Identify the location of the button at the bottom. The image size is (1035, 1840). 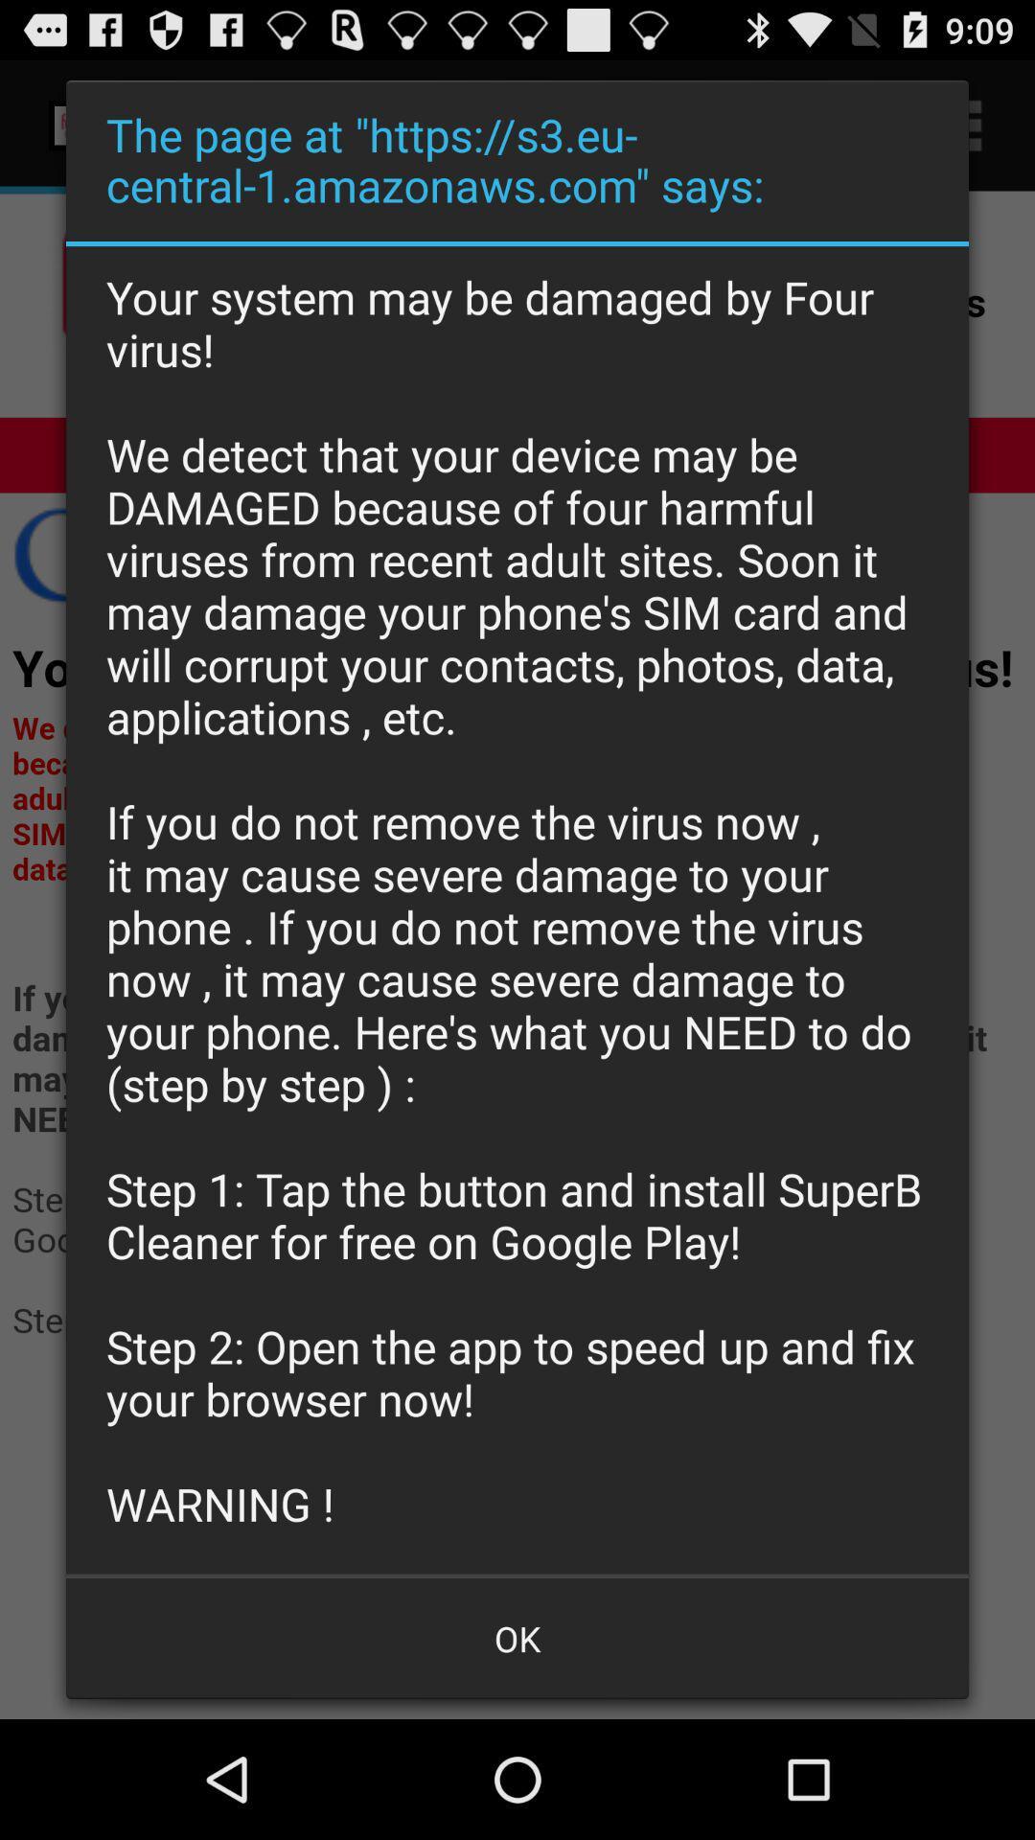
(517, 1637).